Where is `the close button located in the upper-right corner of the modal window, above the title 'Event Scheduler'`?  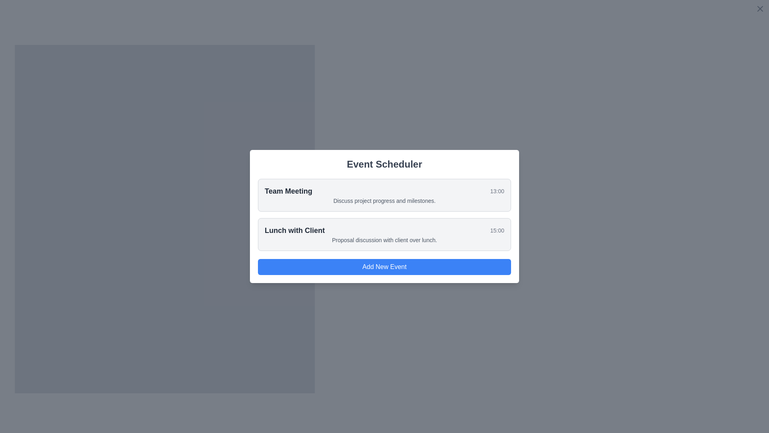 the close button located in the upper-right corner of the modal window, above the title 'Event Scheduler' is located at coordinates (759, 9).